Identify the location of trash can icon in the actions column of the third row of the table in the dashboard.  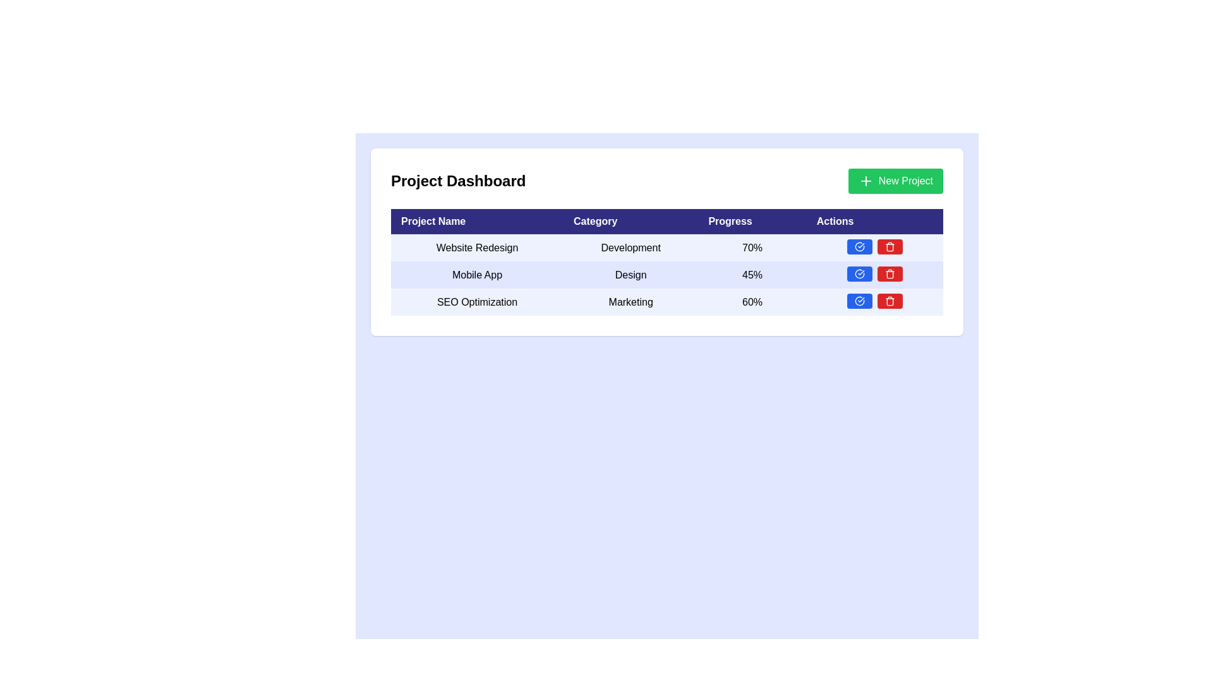
(889, 302).